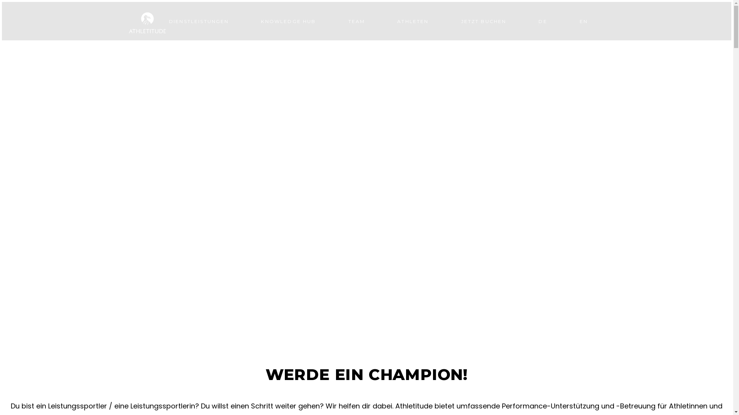 The height and width of the screenshot is (415, 739). Describe the element at coordinates (542, 21) in the screenshot. I see `'DE'` at that location.